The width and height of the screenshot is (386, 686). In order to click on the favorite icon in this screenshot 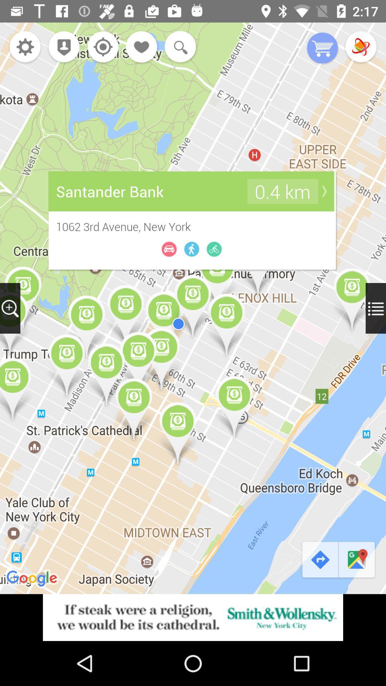, I will do `click(142, 47)`.